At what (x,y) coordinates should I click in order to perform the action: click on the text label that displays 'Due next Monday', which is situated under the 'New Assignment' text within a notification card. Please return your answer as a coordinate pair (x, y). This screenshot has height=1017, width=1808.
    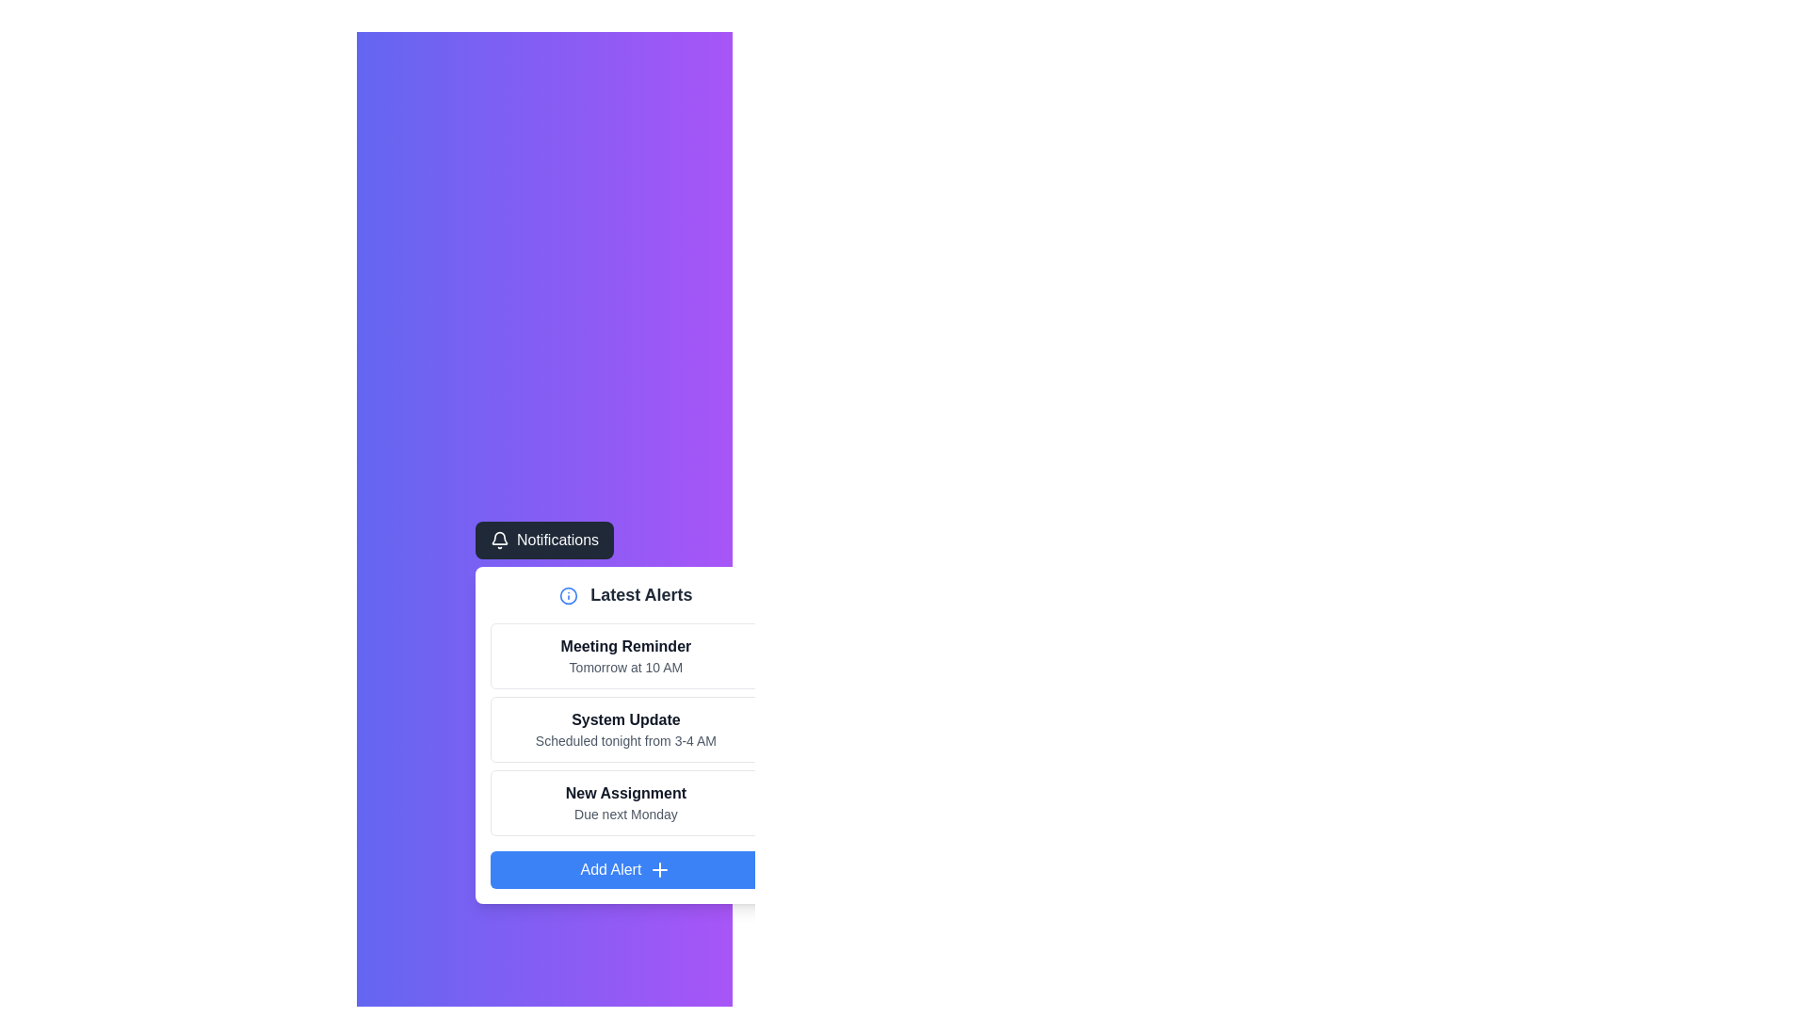
    Looking at the image, I should click on (625, 813).